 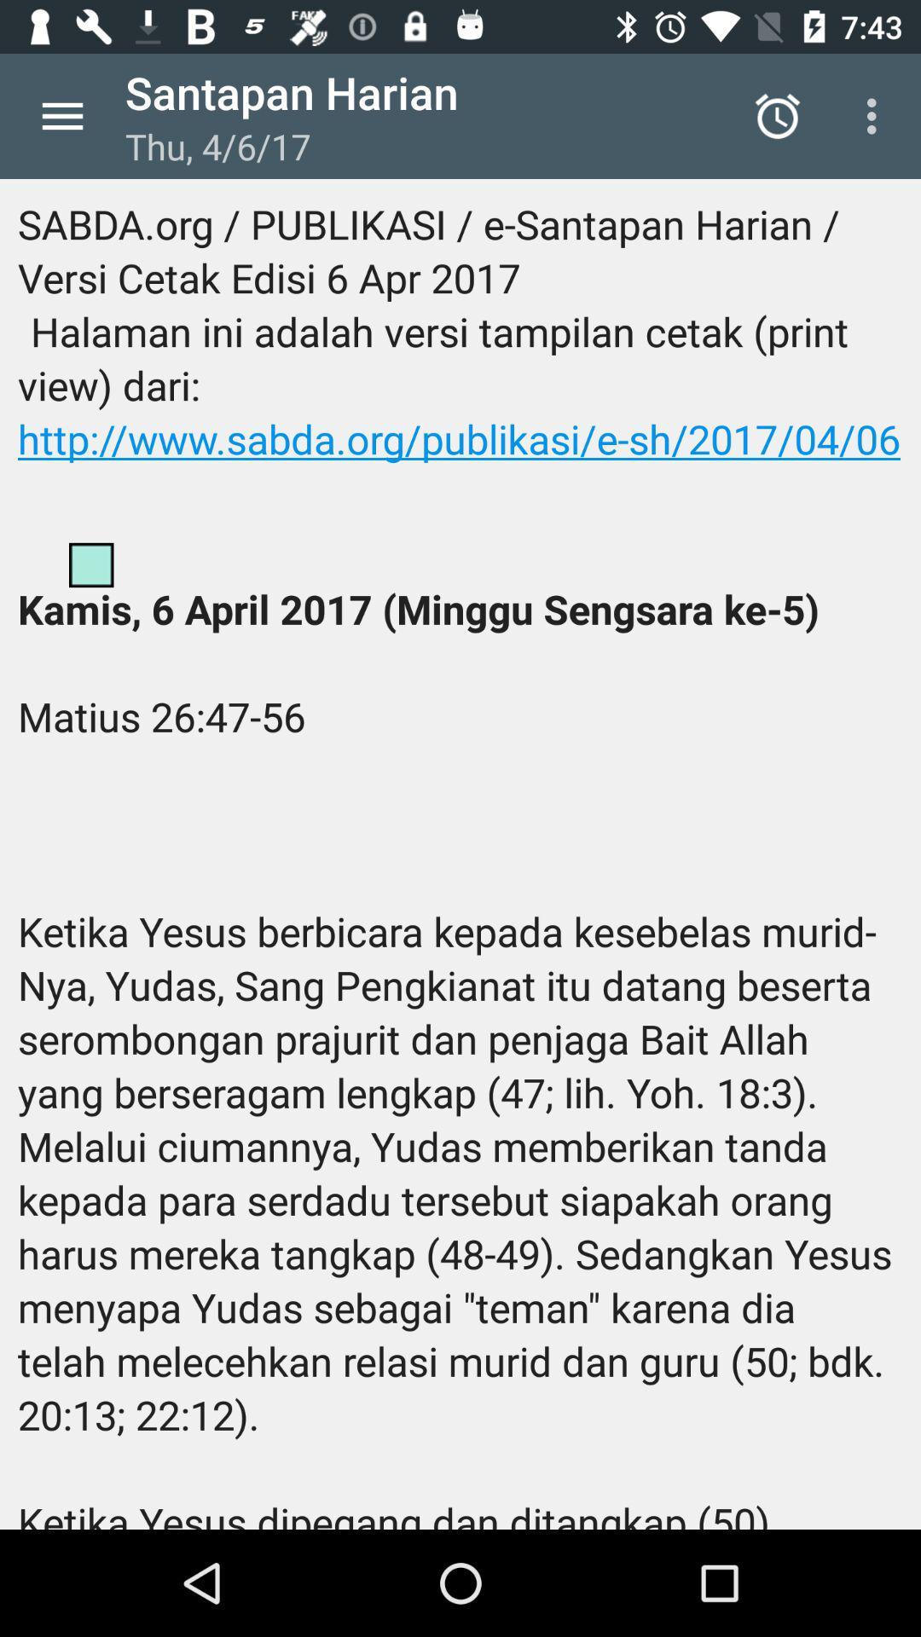 What do you see at coordinates (777, 115) in the screenshot?
I see `the item above the sabda org publikasi icon` at bounding box center [777, 115].